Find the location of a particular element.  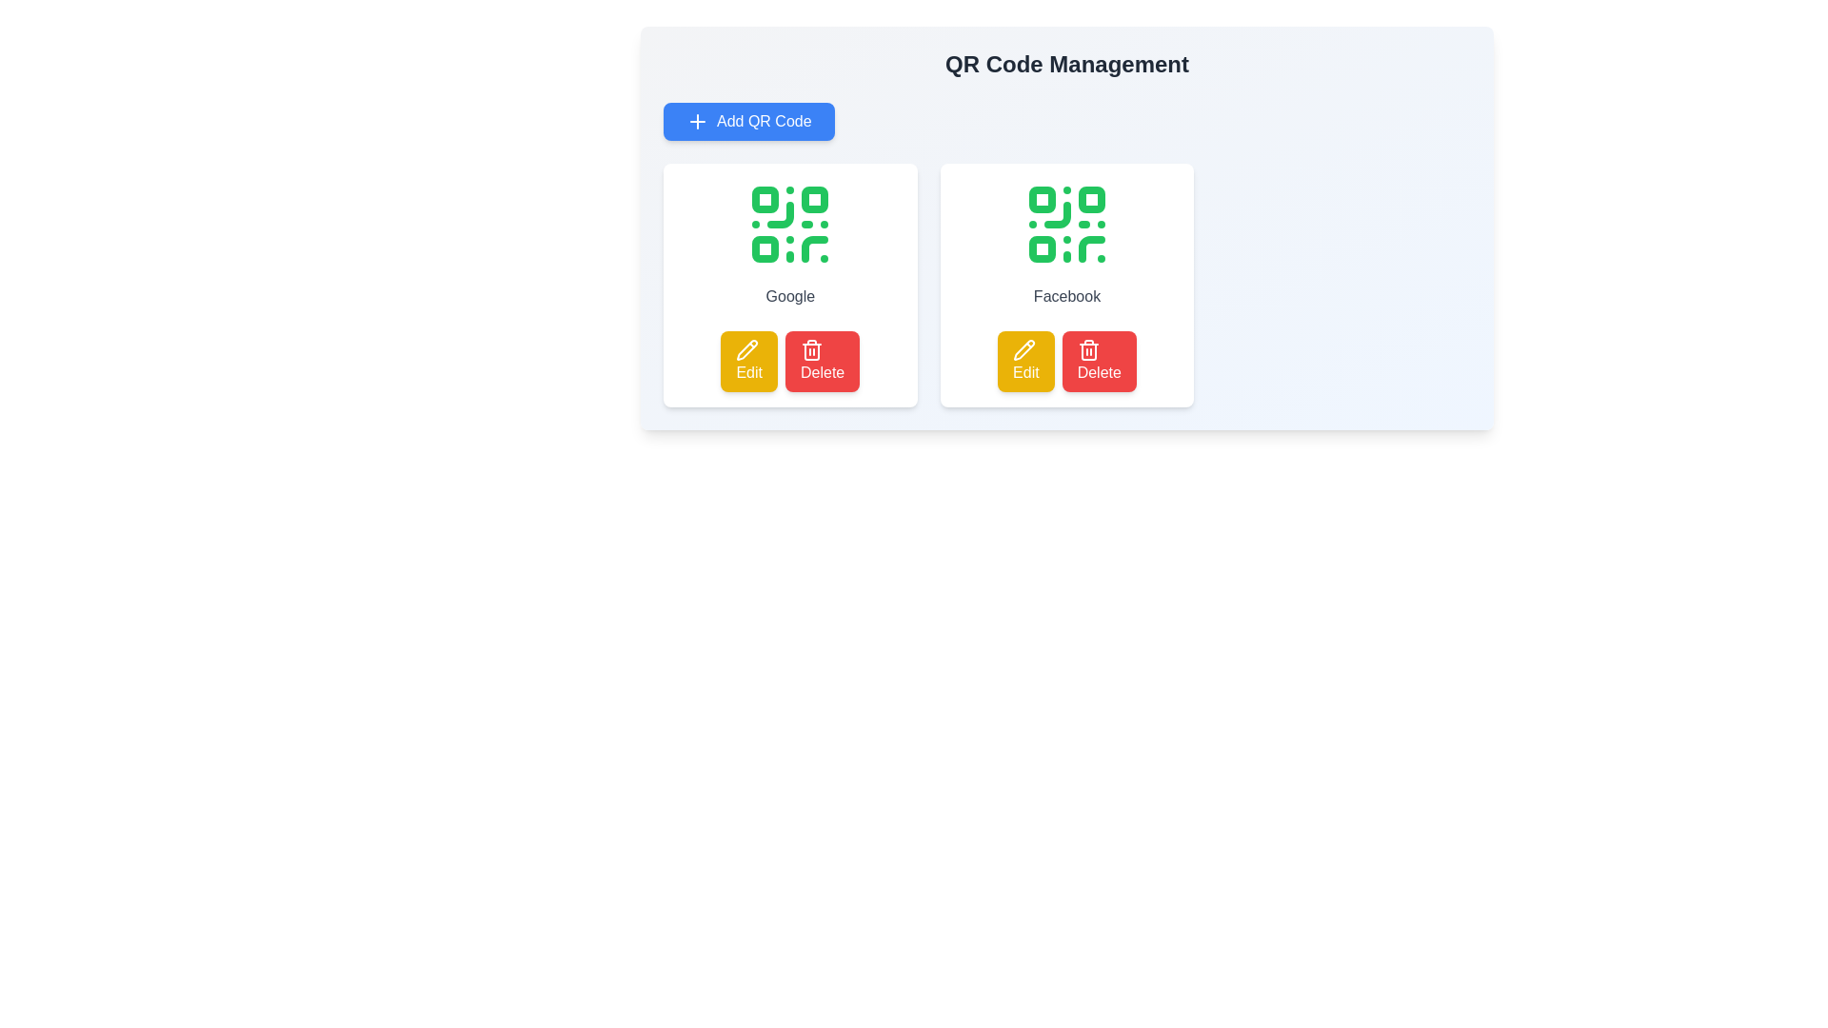

the 'Edit' icon located within the yellow 'Edit' button beneath the first QR code card labeled 'Google' is located at coordinates (746, 349).